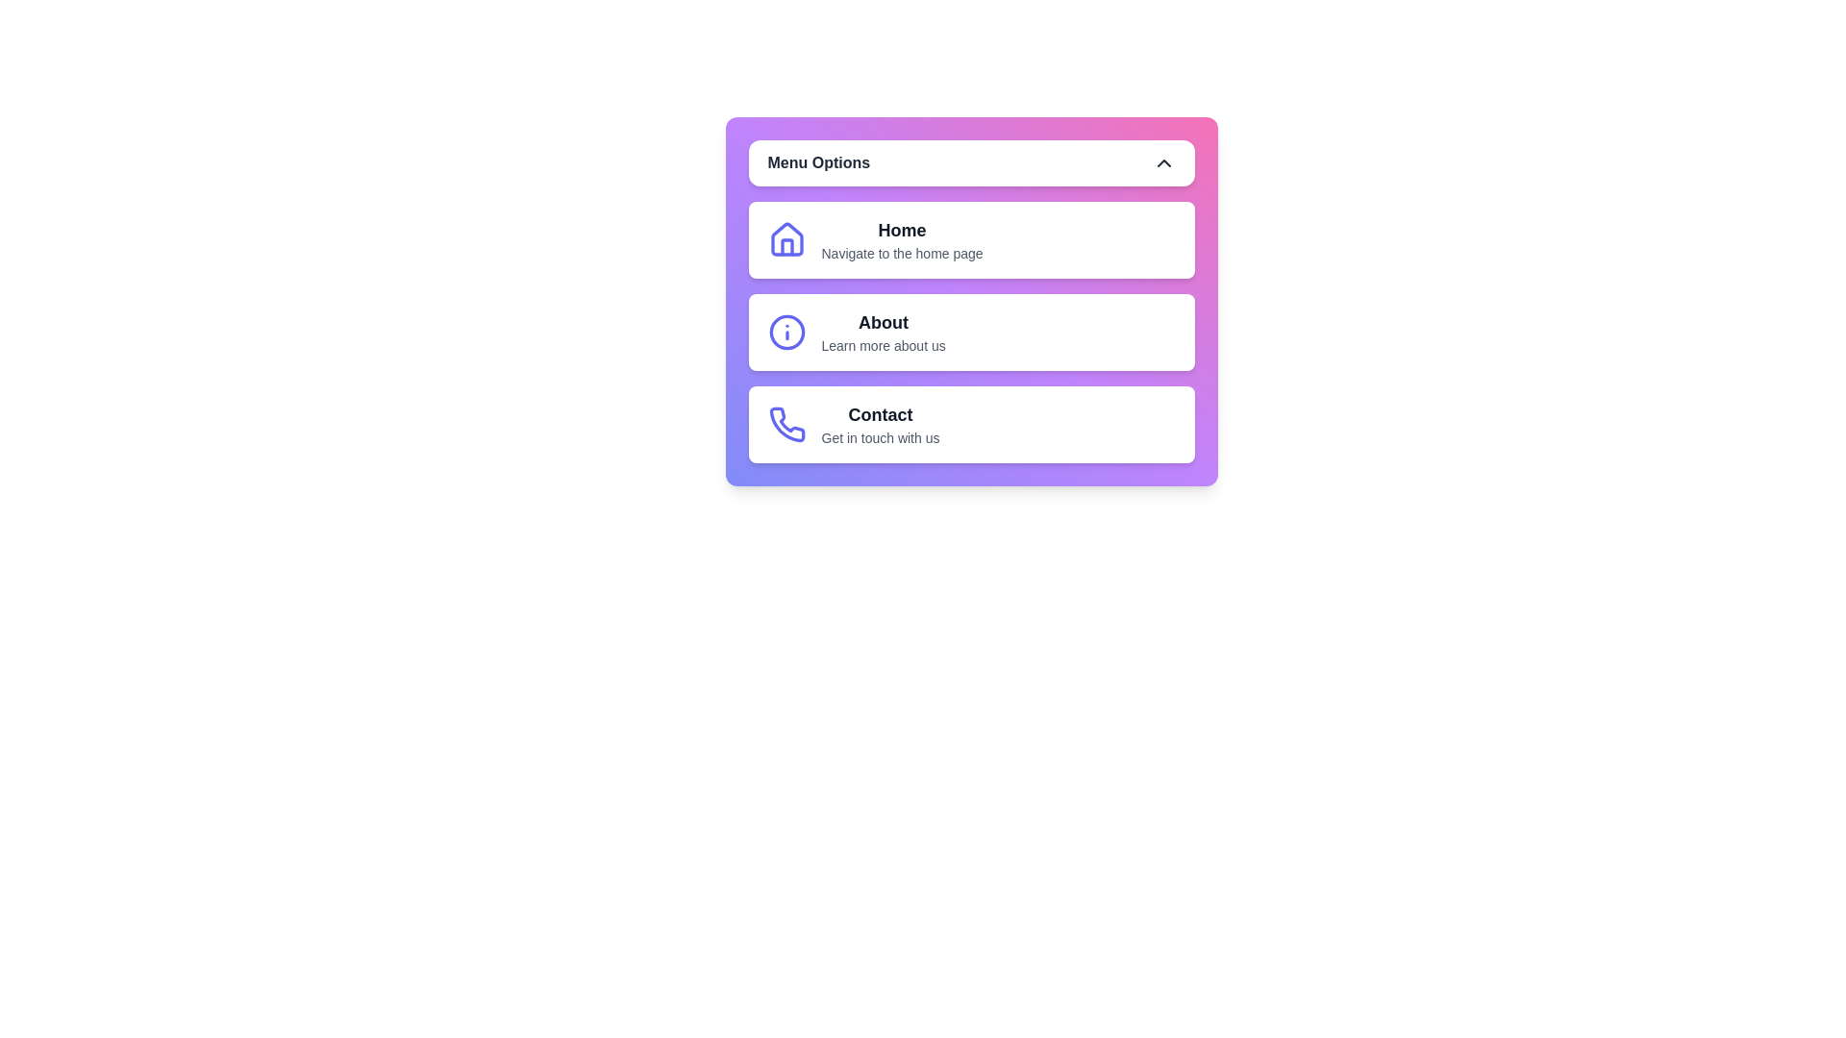 The image size is (1846, 1038). I want to click on 'Menu Options' button to toggle the menu visibility, so click(971, 161).